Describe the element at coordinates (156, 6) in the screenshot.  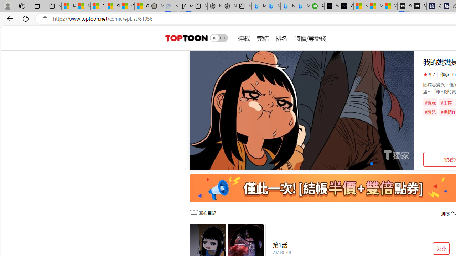
I see `'Manatee Mortality Statistics | FWC'` at that location.